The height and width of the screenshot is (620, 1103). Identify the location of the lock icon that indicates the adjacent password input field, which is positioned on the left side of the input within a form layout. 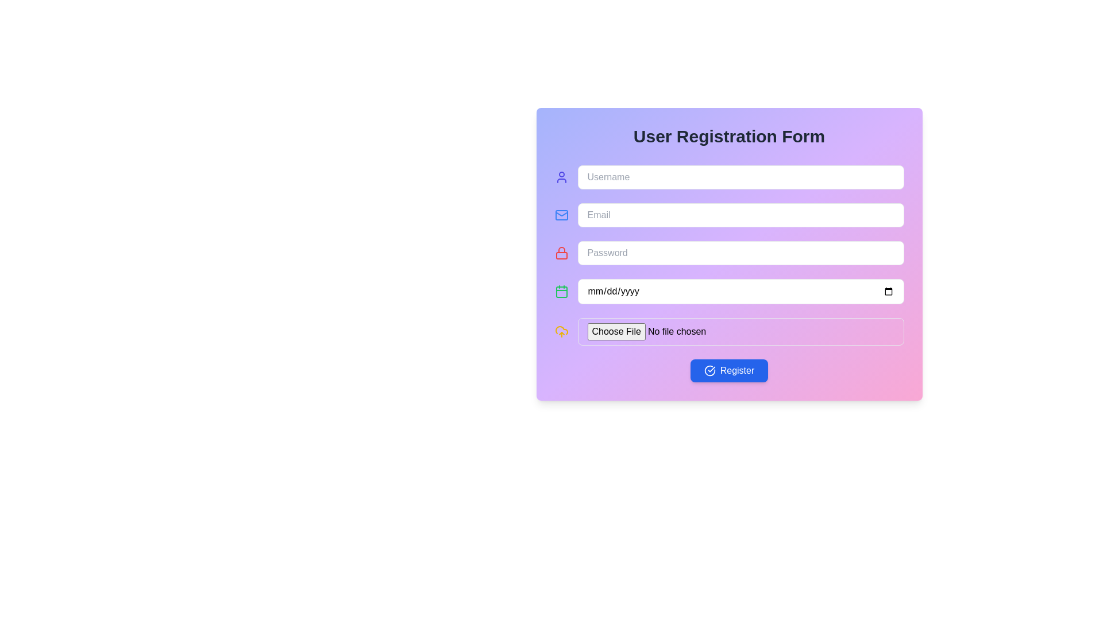
(561, 252).